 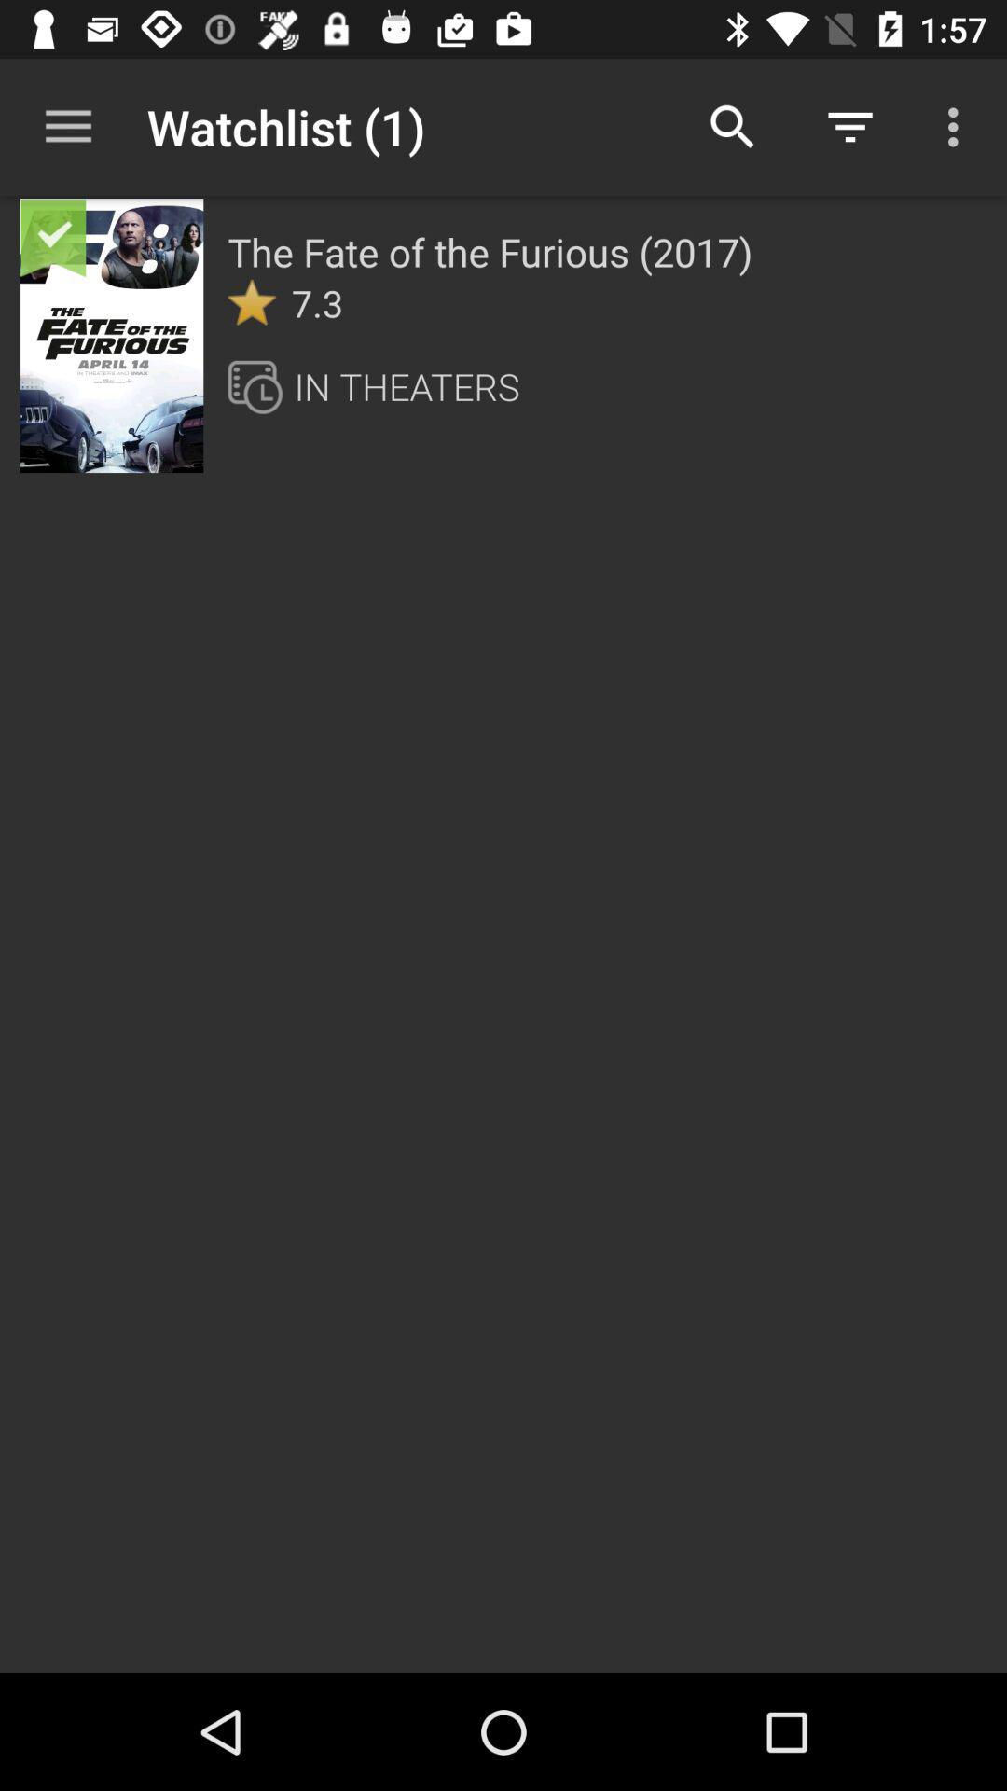 I want to click on the app to the left of the watchlist (1), so click(x=67, y=126).